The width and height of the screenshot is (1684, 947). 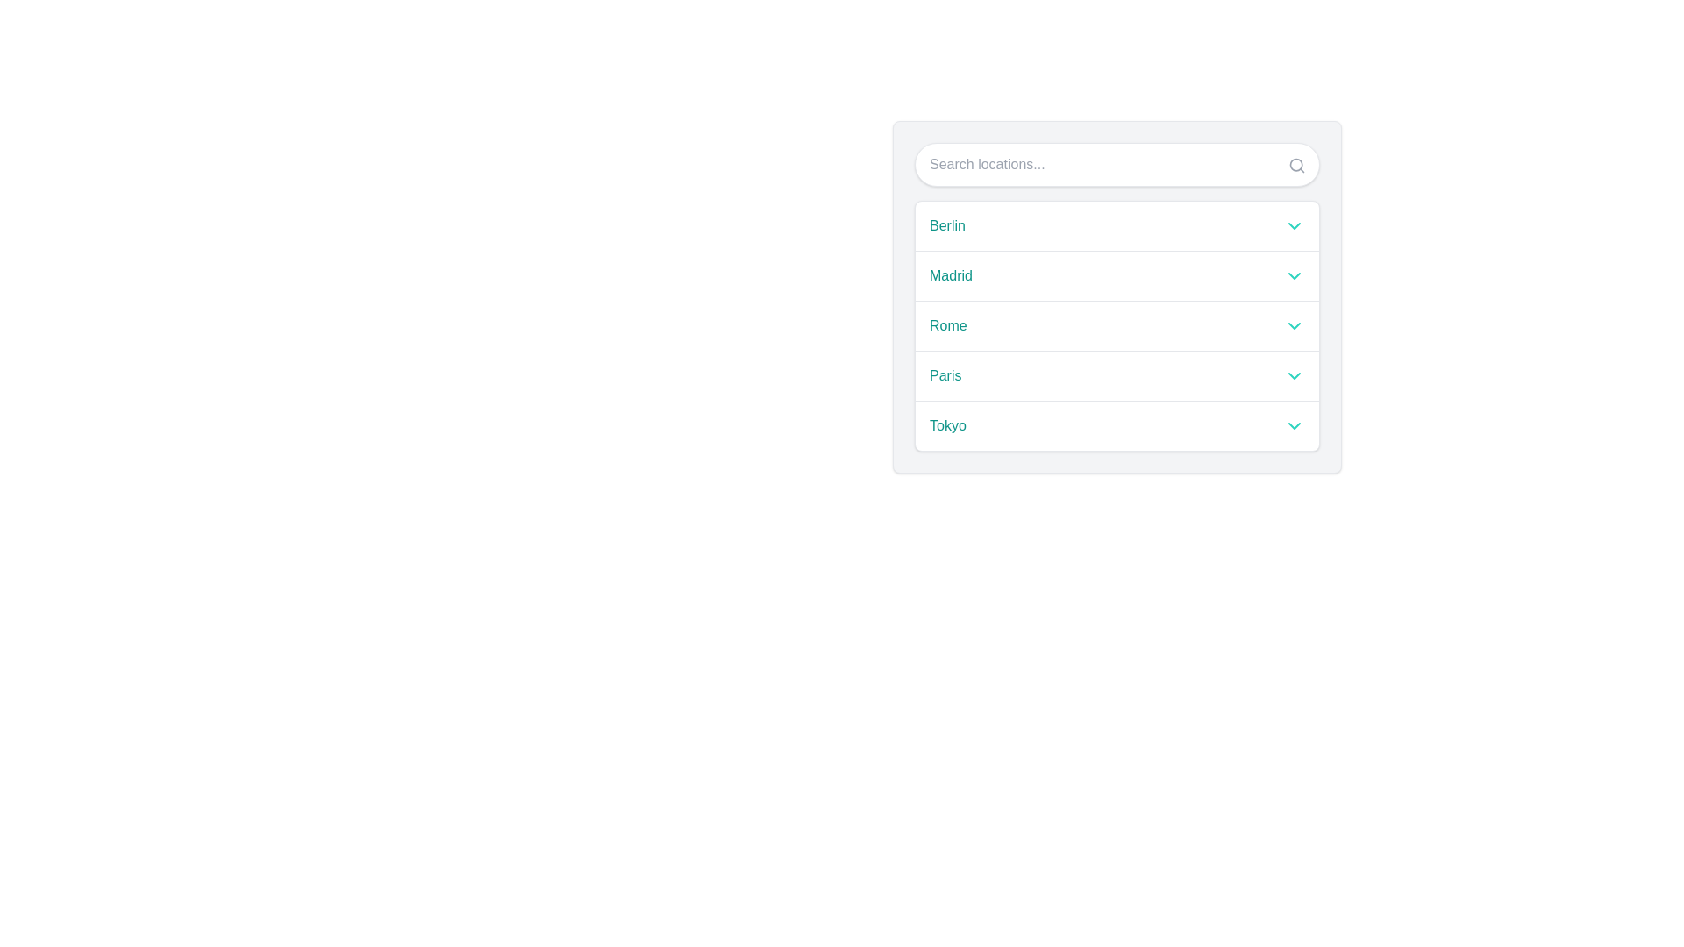 What do you see at coordinates (1295, 374) in the screenshot?
I see `the dropdown indicator icon next to the 'Paris' entry` at bounding box center [1295, 374].